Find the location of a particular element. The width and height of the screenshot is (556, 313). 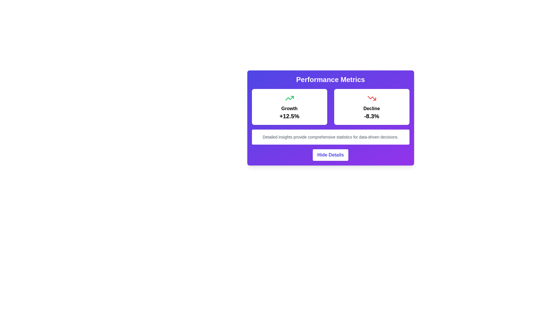

the icon representing trend located in the card containing the text 'Growth +12.5%' under the 'Performance Metrics' section is located at coordinates (289, 98).